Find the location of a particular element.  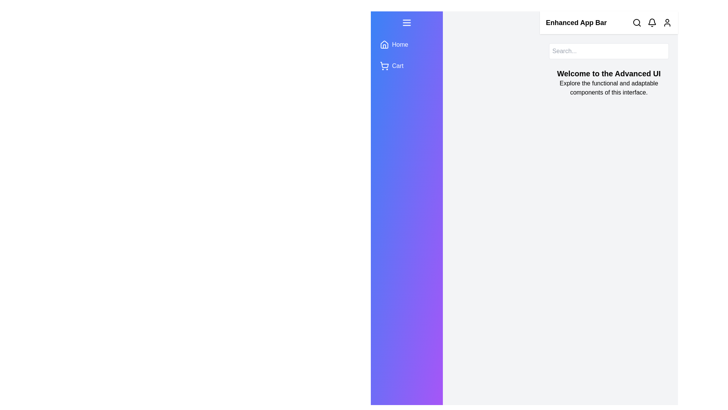

the 'Home' menu item in the sidebar is located at coordinates (406, 45).